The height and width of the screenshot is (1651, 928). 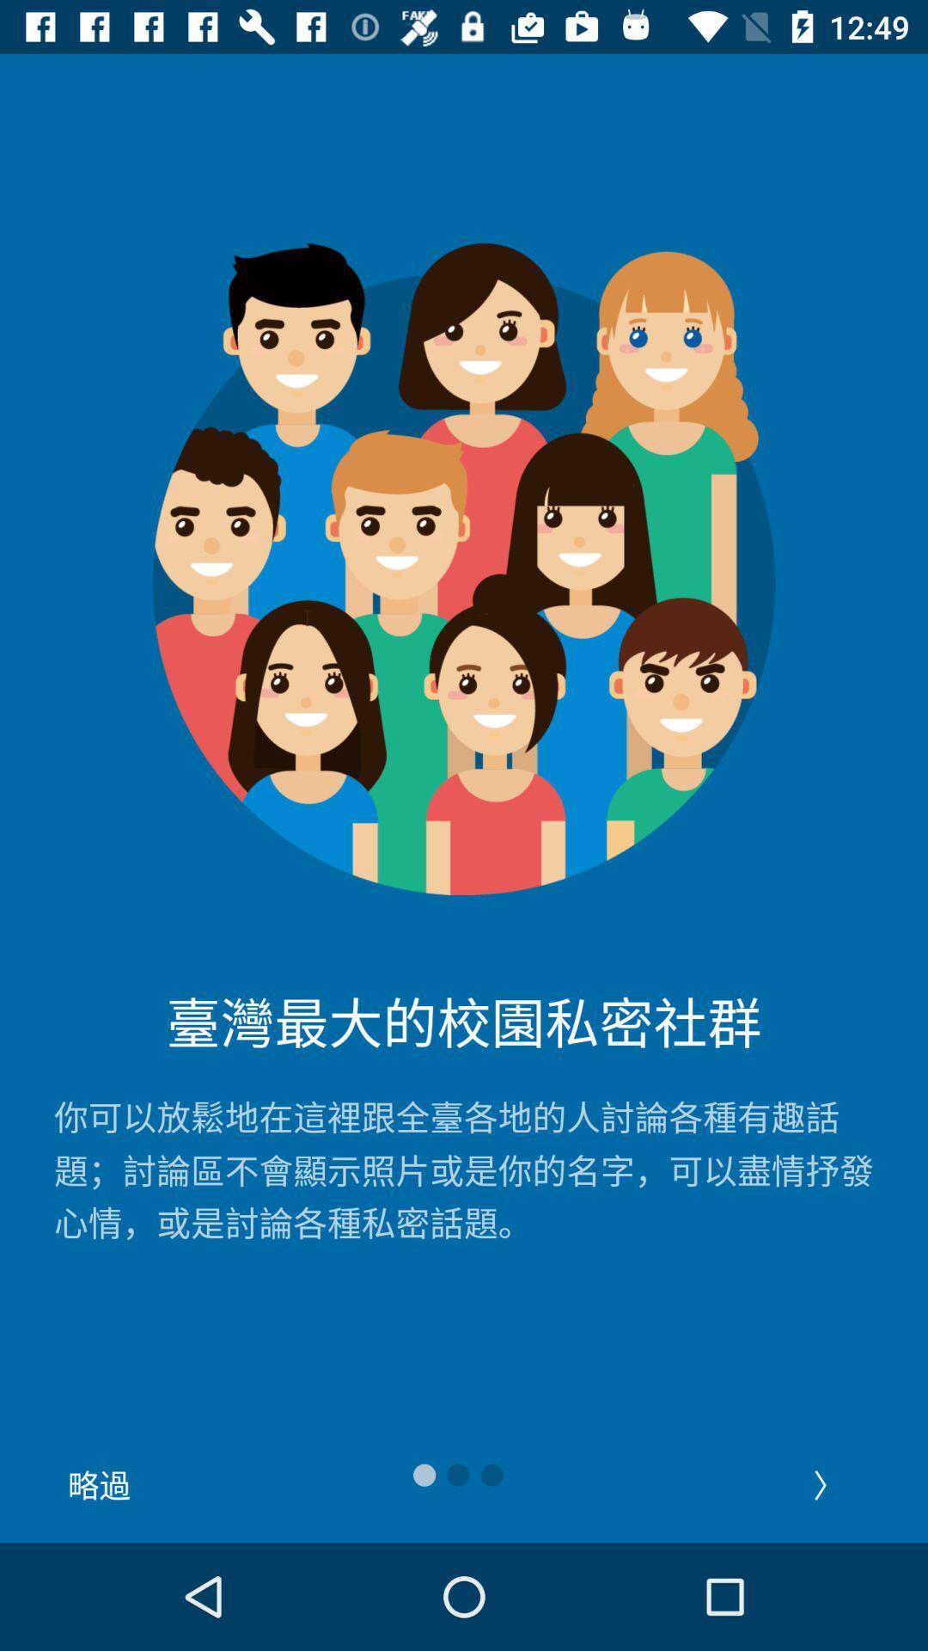 What do you see at coordinates (827, 1484) in the screenshot?
I see `the icon at the bottom right corner` at bounding box center [827, 1484].